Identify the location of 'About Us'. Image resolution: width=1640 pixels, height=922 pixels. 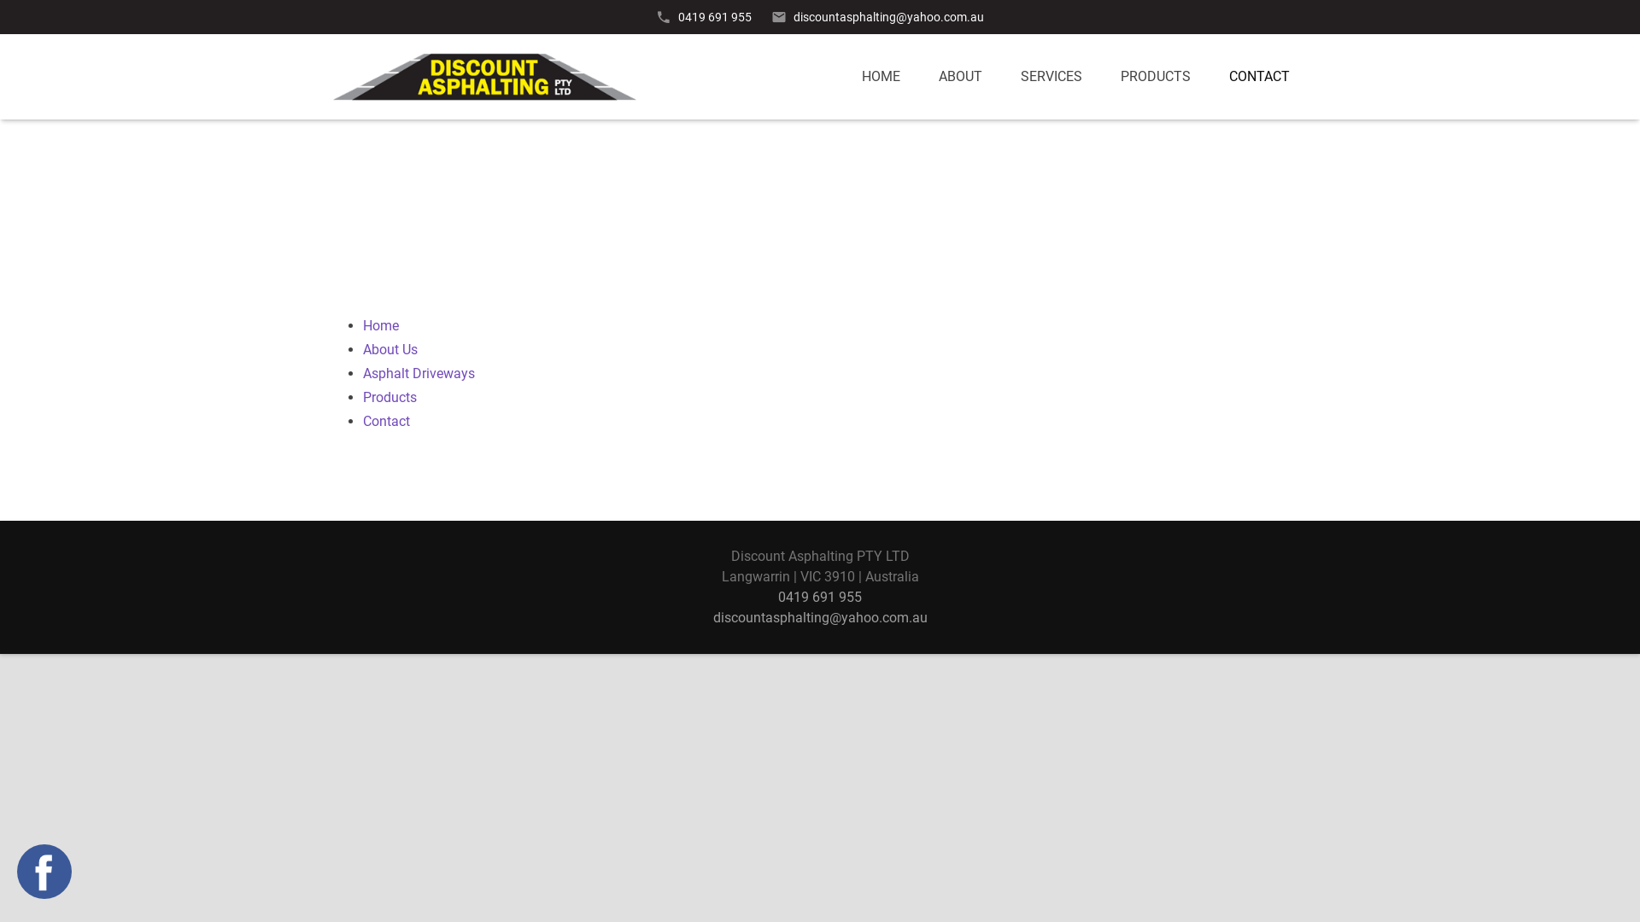
(389, 348).